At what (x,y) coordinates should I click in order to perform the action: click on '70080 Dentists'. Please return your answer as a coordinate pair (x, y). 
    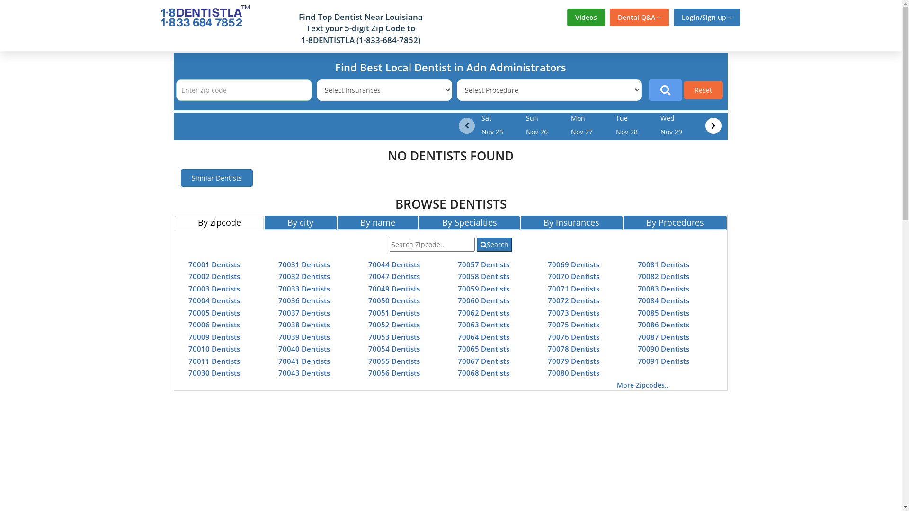
    Looking at the image, I should click on (573, 372).